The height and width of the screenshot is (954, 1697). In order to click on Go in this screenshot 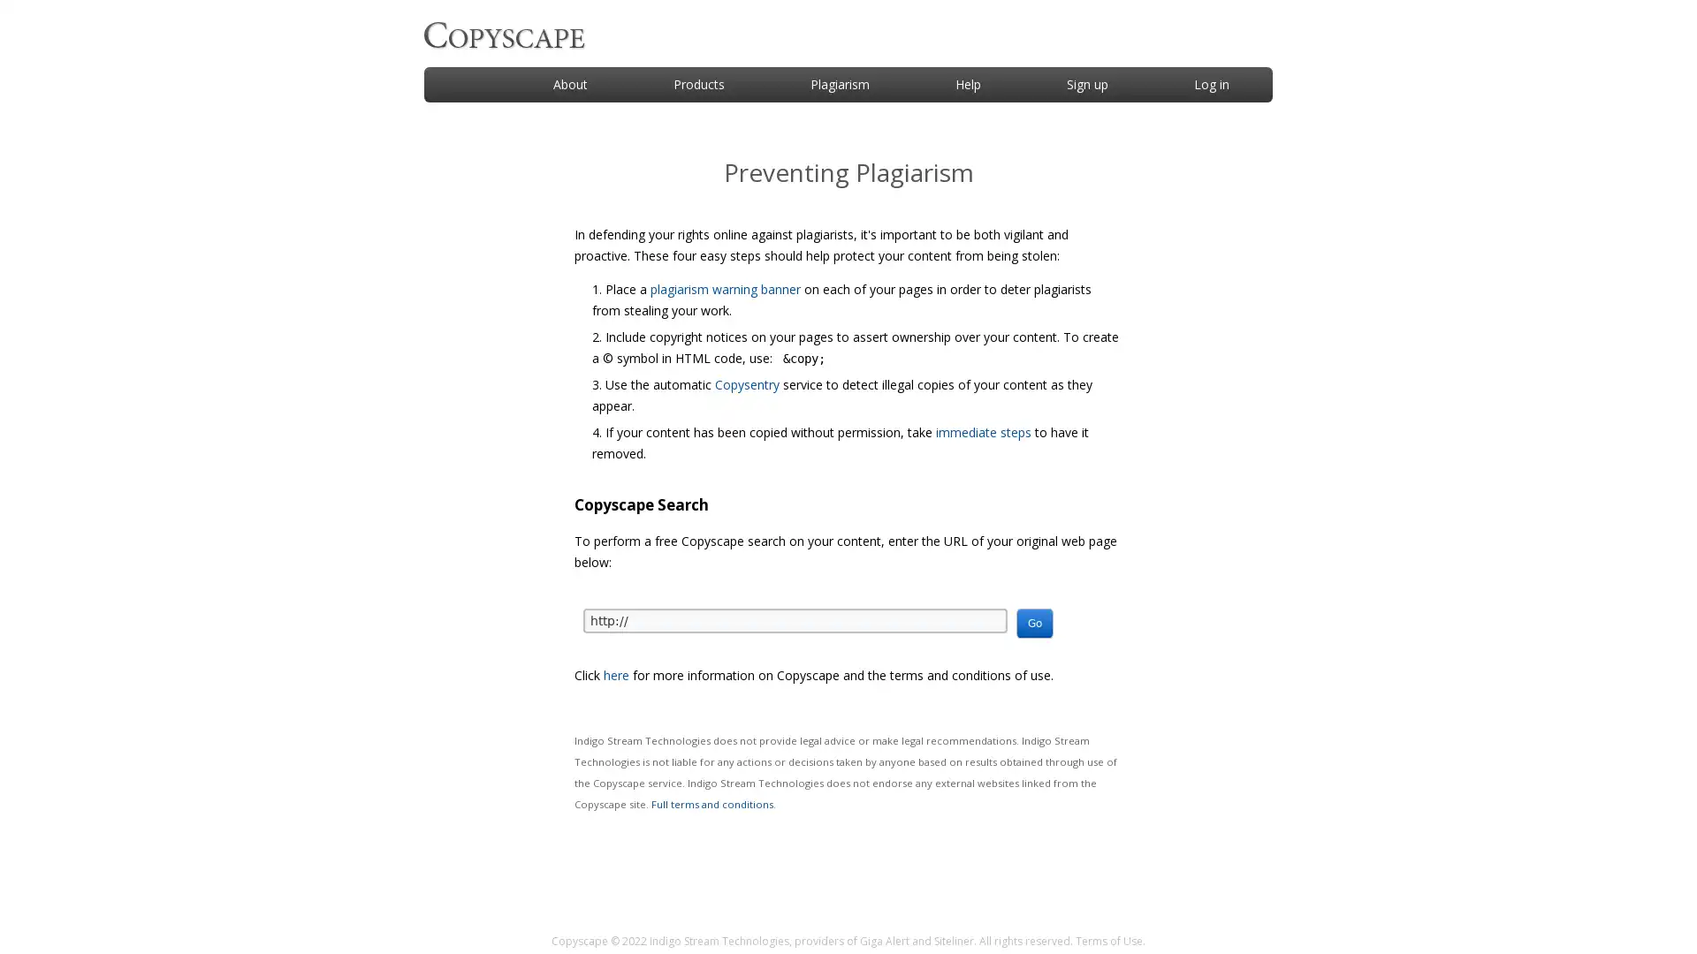, I will do `click(1035, 622)`.